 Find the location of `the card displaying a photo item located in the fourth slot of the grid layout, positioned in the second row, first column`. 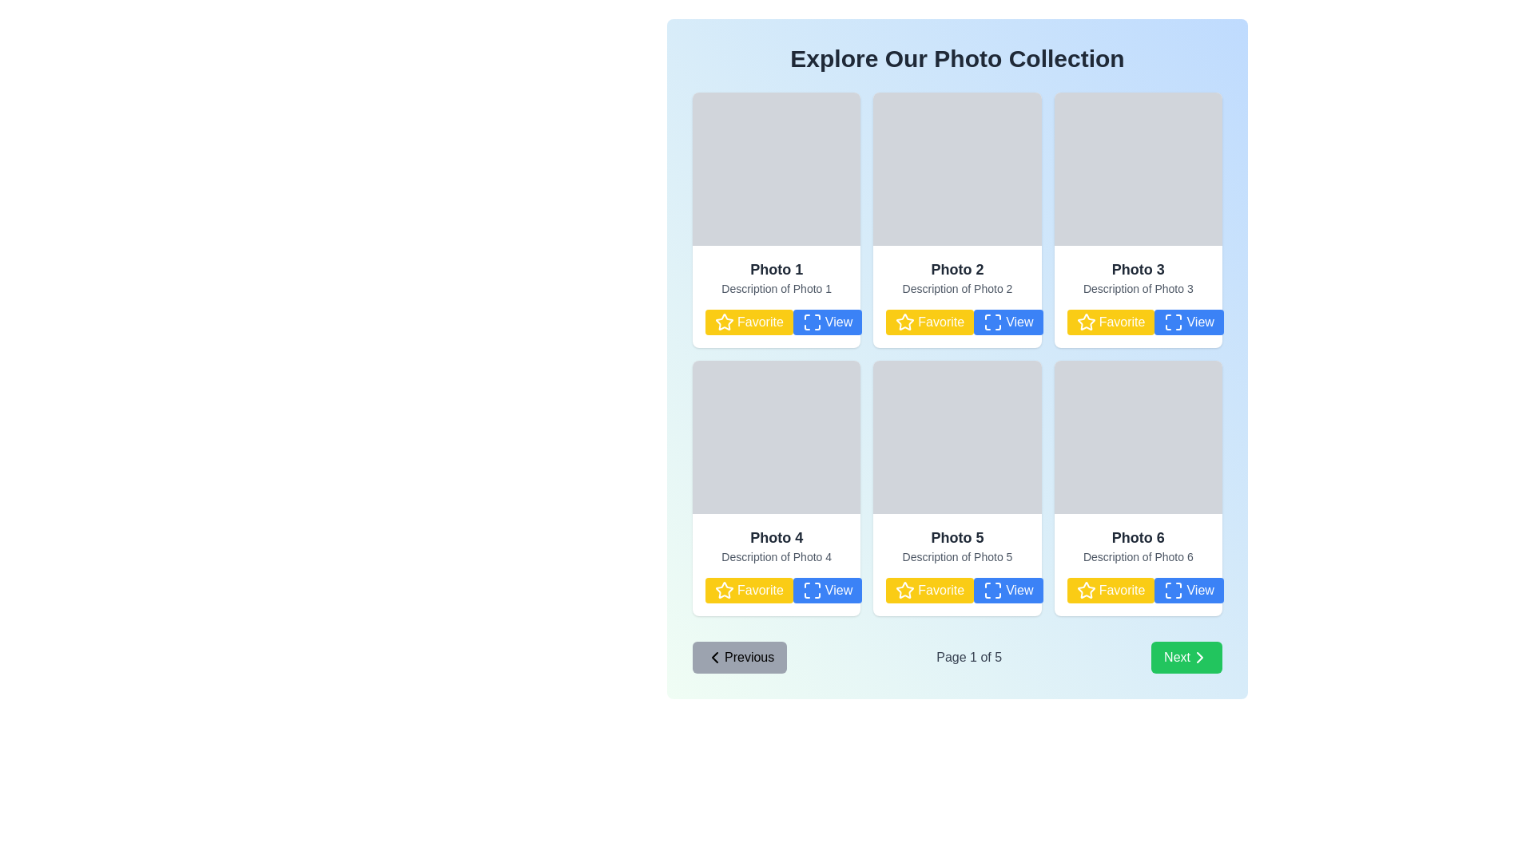

the card displaying a photo item located in the fourth slot of the grid layout, positioned in the second row, first column is located at coordinates (777, 488).